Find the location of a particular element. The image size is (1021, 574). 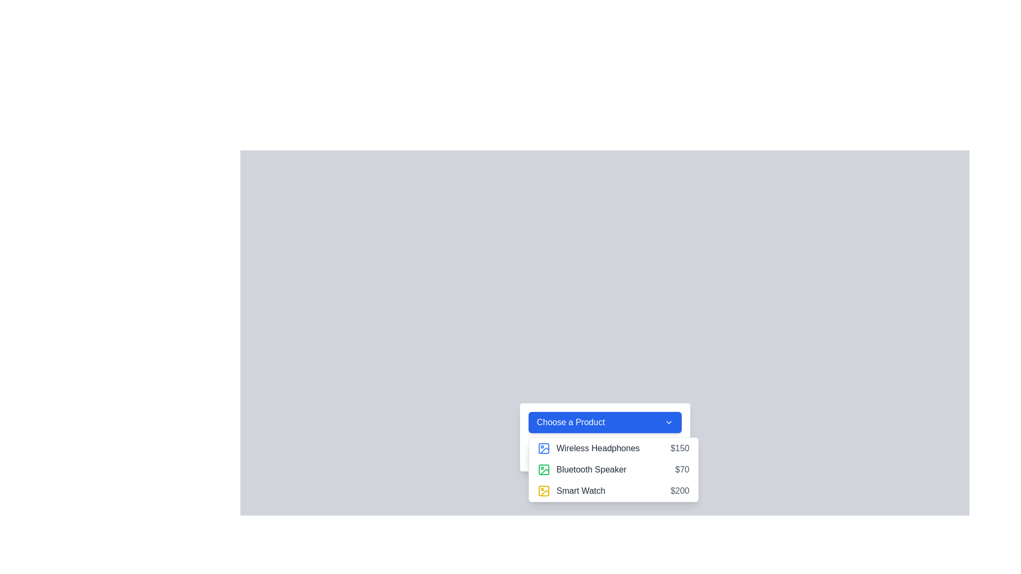

the green outlined icon representing an image frame located to the left of the 'Bluetooth Speaker' text in the dropdown menu is located at coordinates (543, 469).